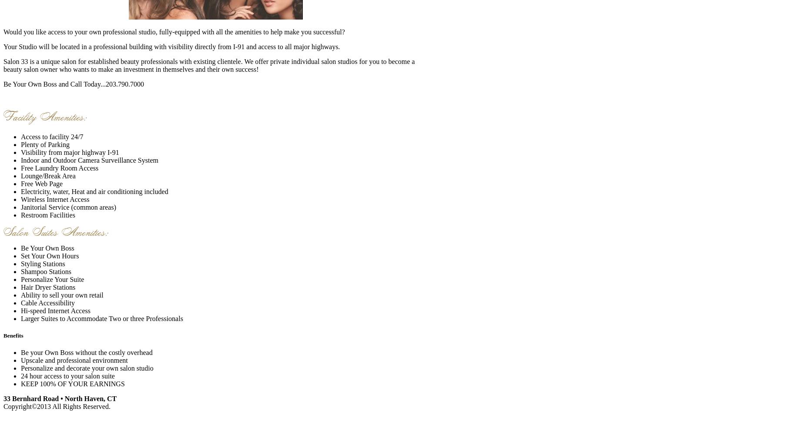 Image resolution: width=788 pixels, height=435 pixels. I want to click on 'Plenty of Parking', so click(44, 144).